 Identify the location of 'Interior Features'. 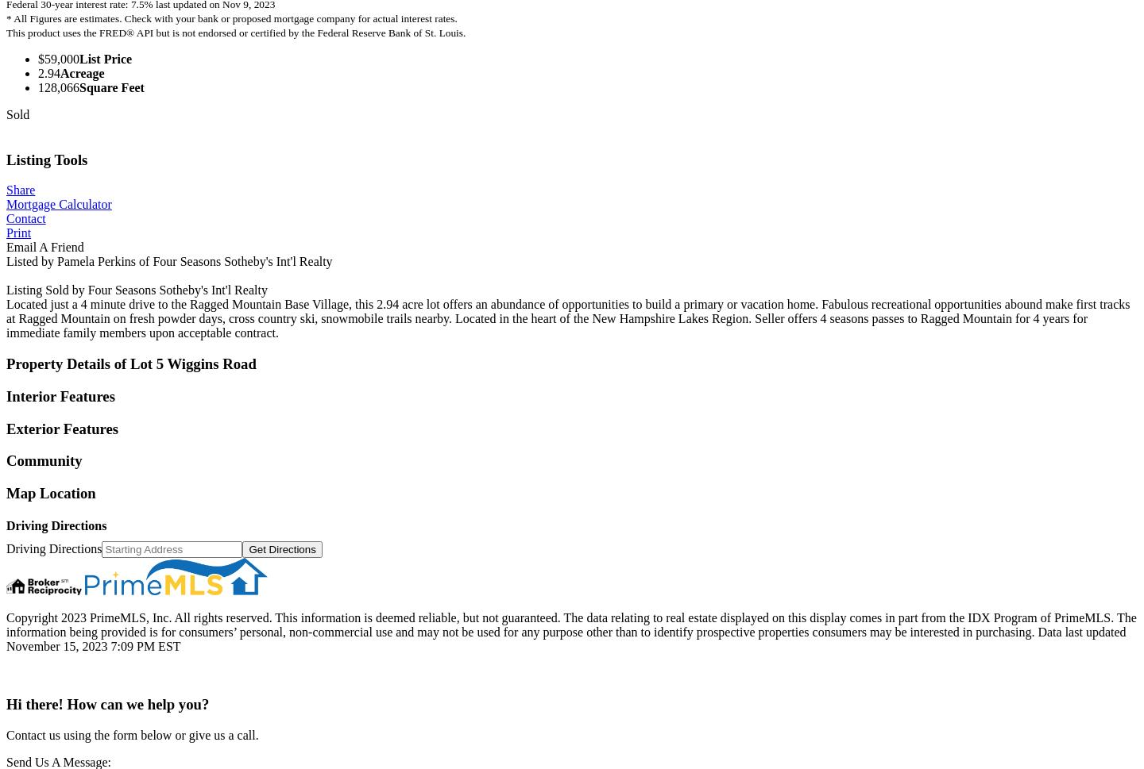
(60, 394).